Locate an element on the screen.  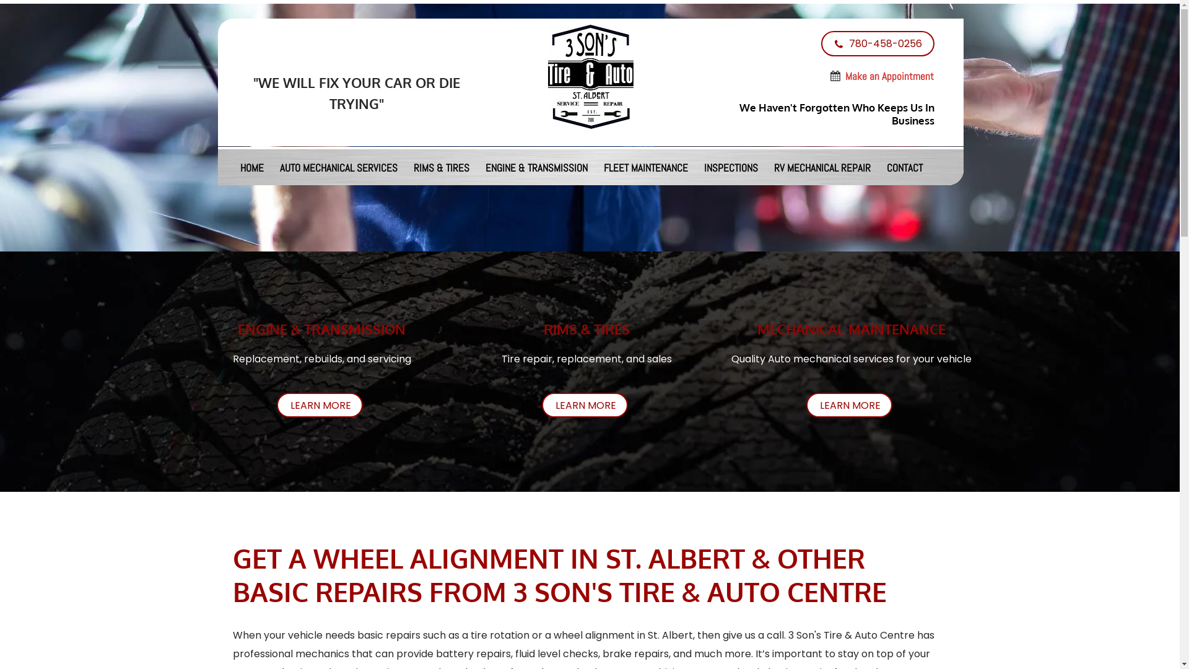
'Make an Appointment' is located at coordinates (888, 77).